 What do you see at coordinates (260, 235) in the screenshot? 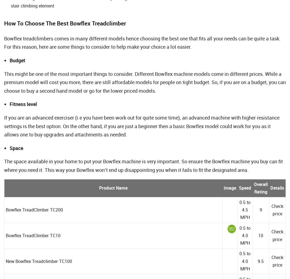
I see `'10'` at bounding box center [260, 235].